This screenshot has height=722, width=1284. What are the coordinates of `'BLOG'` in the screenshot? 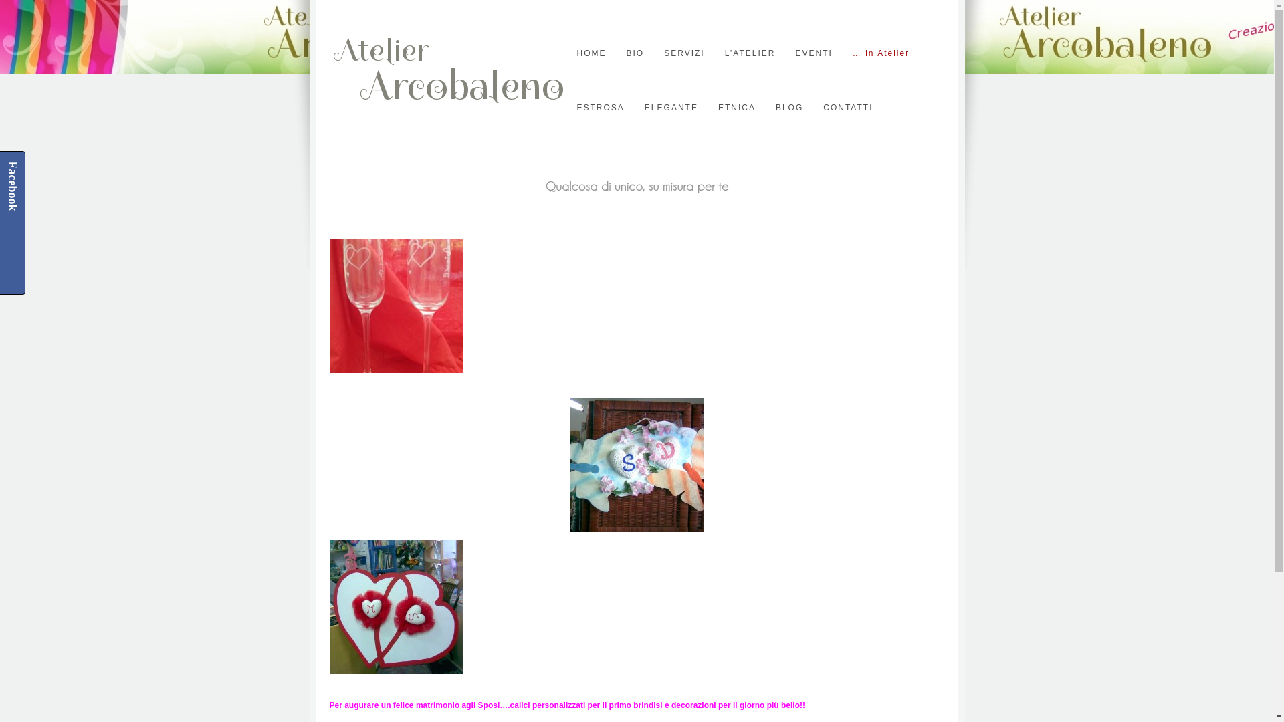 It's located at (789, 107).